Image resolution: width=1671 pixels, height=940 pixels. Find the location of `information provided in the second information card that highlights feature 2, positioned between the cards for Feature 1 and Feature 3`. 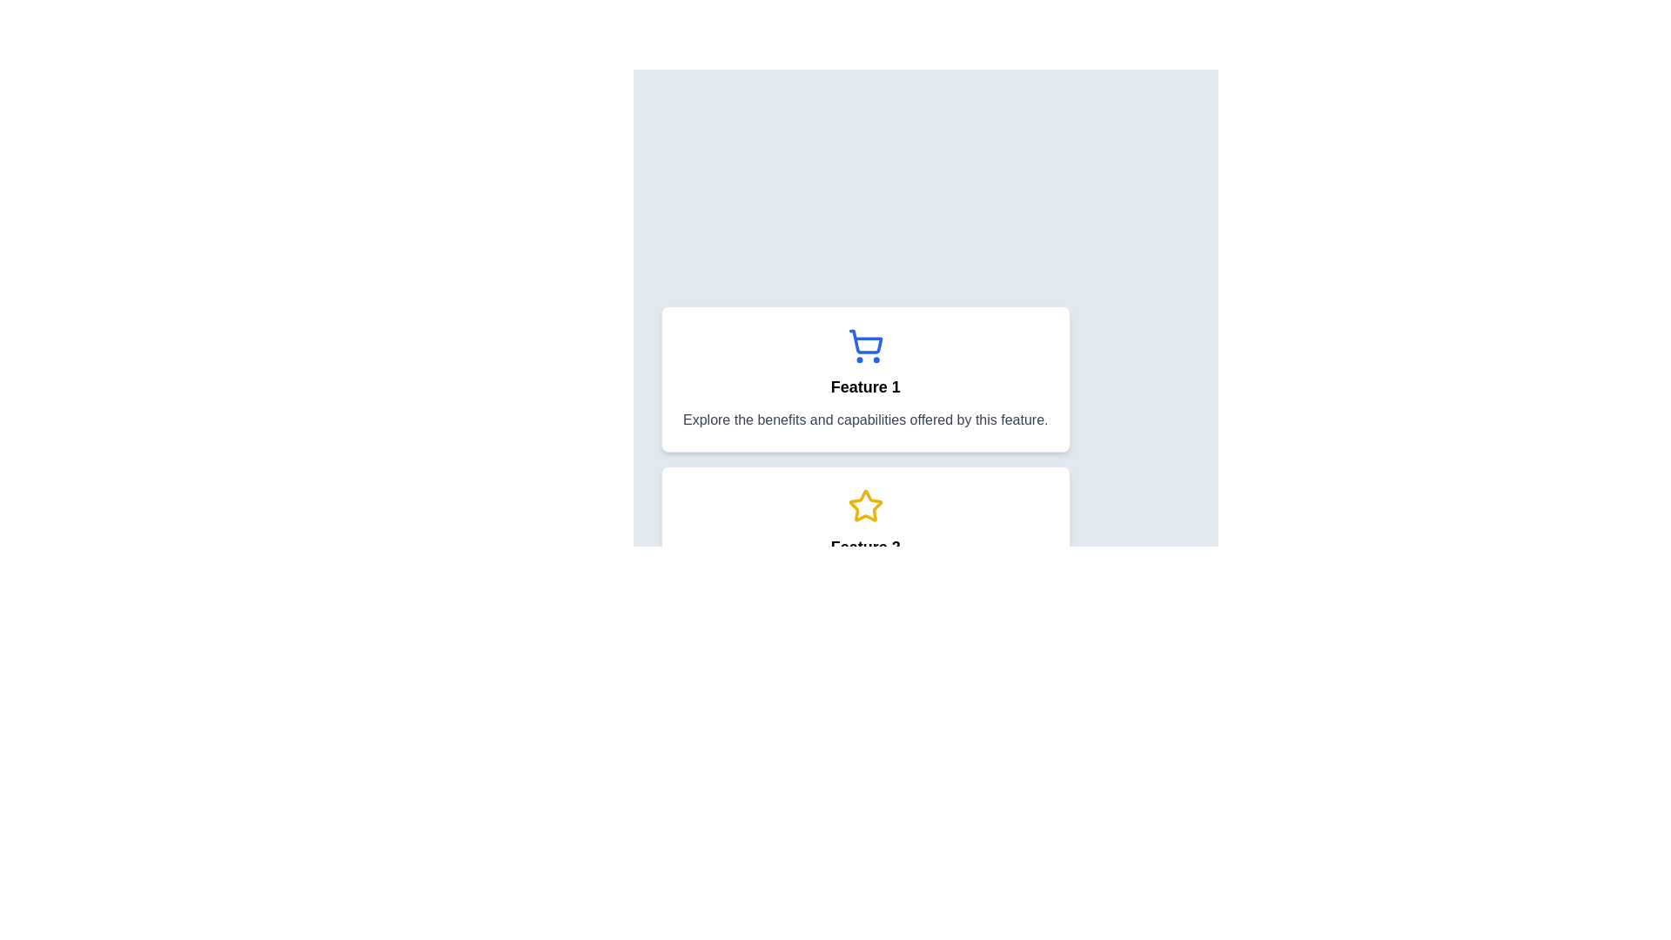

information provided in the second information card that highlights feature 2, positioned between the cards for Feature 1 and Feature 3 is located at coordinates (925, 539).